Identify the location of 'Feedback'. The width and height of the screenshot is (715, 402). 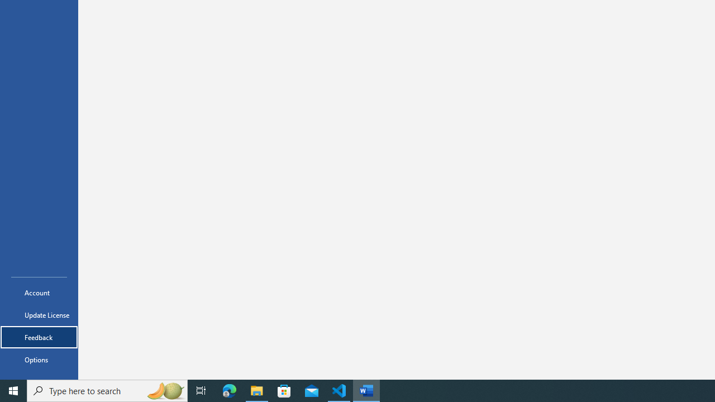
(39, 337).